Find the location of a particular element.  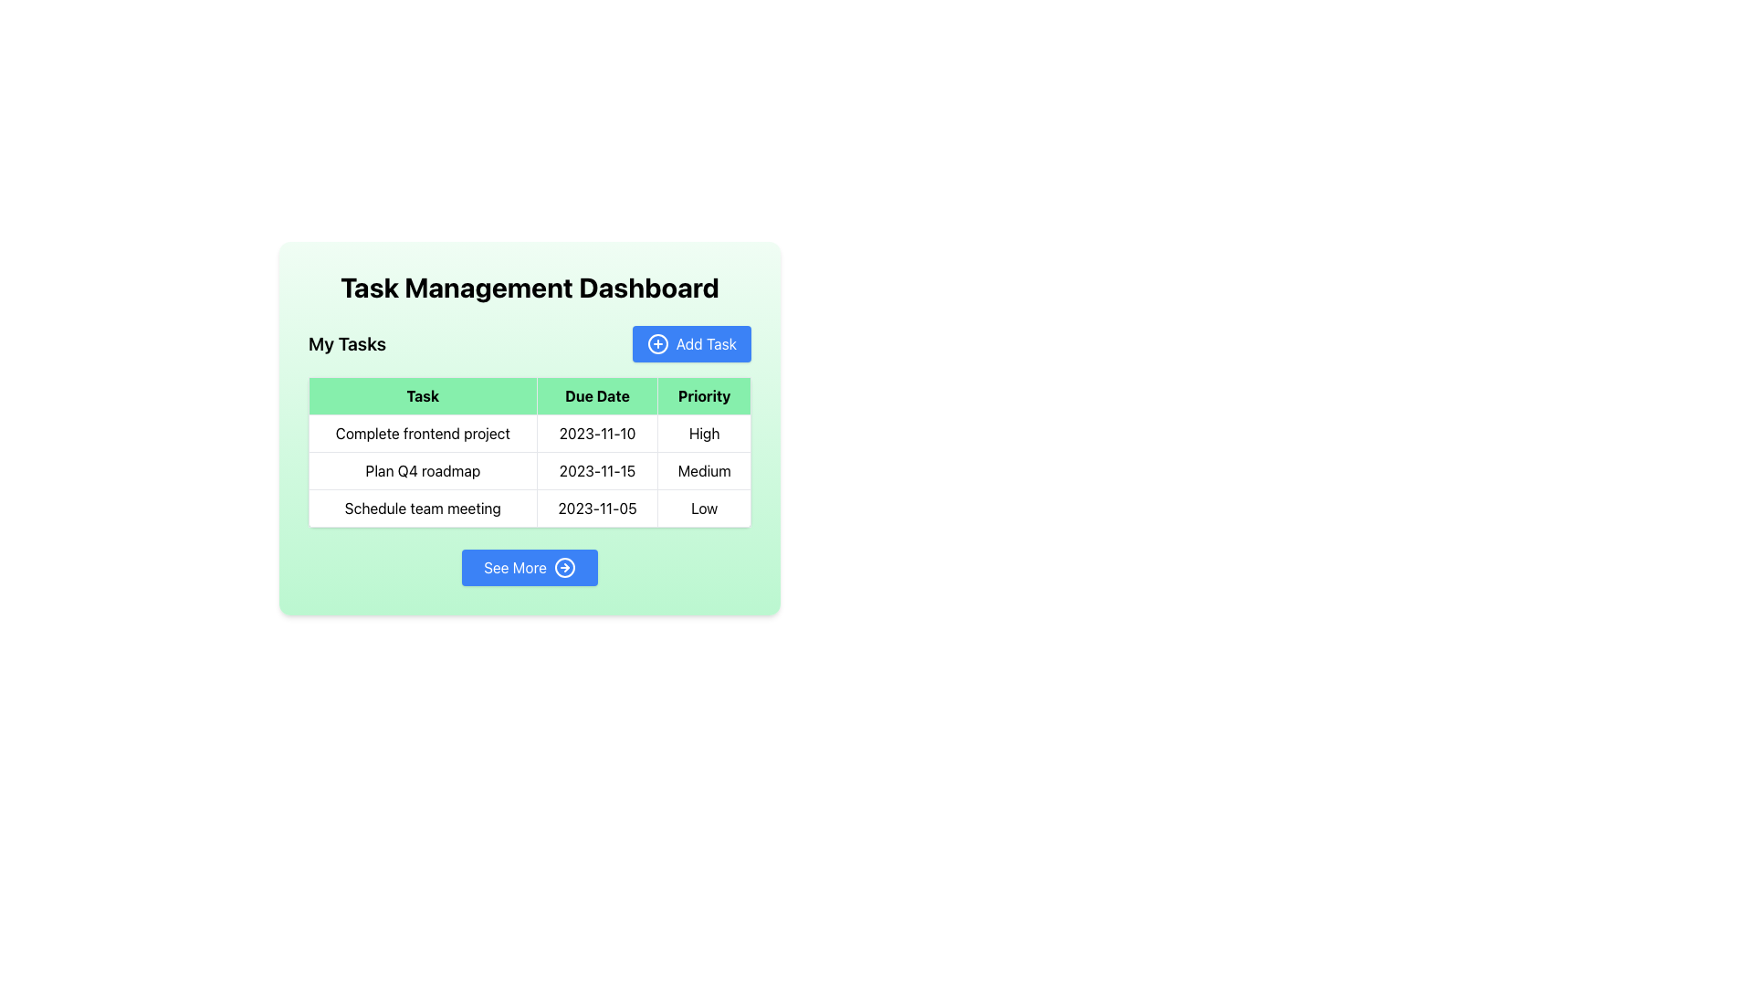

the text display showing '2023-11-15' in the 'Due Date' column of the task 'Plan Q4 roadmap' is located at coordinates (597, 470).